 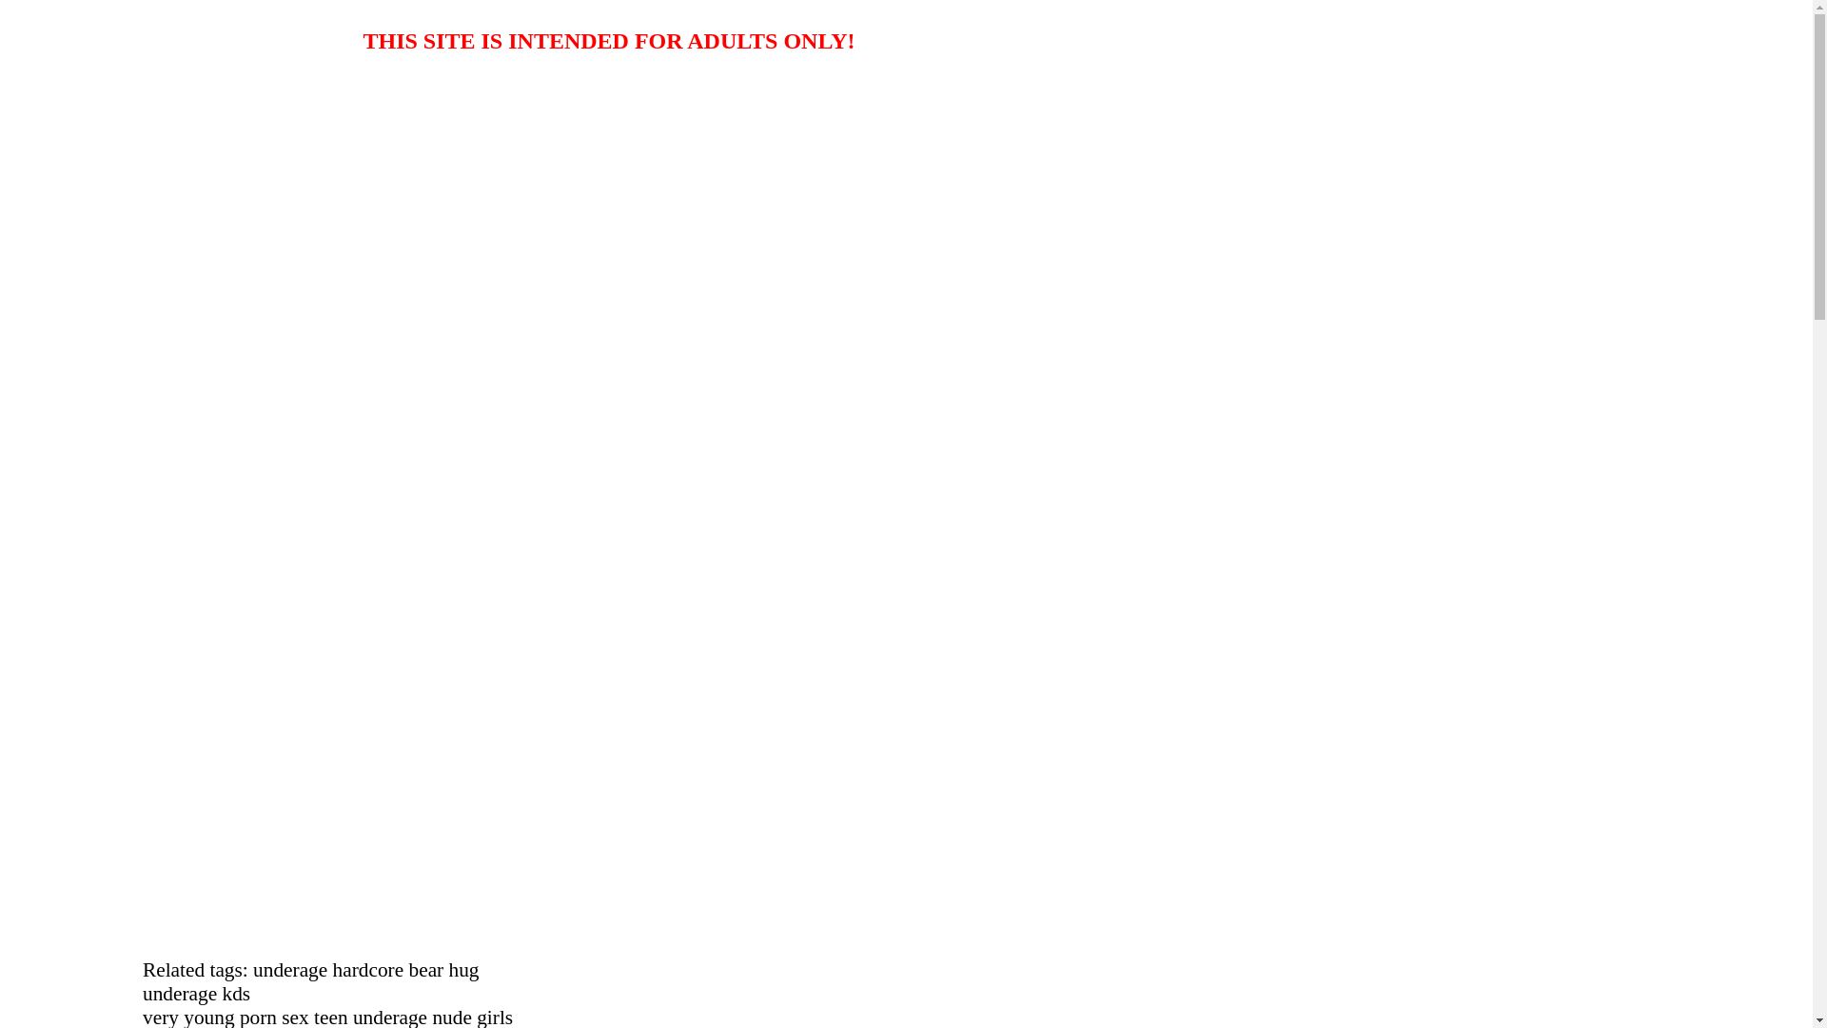 I want to click on 'Underage video pics', so click(x=137, y=36).